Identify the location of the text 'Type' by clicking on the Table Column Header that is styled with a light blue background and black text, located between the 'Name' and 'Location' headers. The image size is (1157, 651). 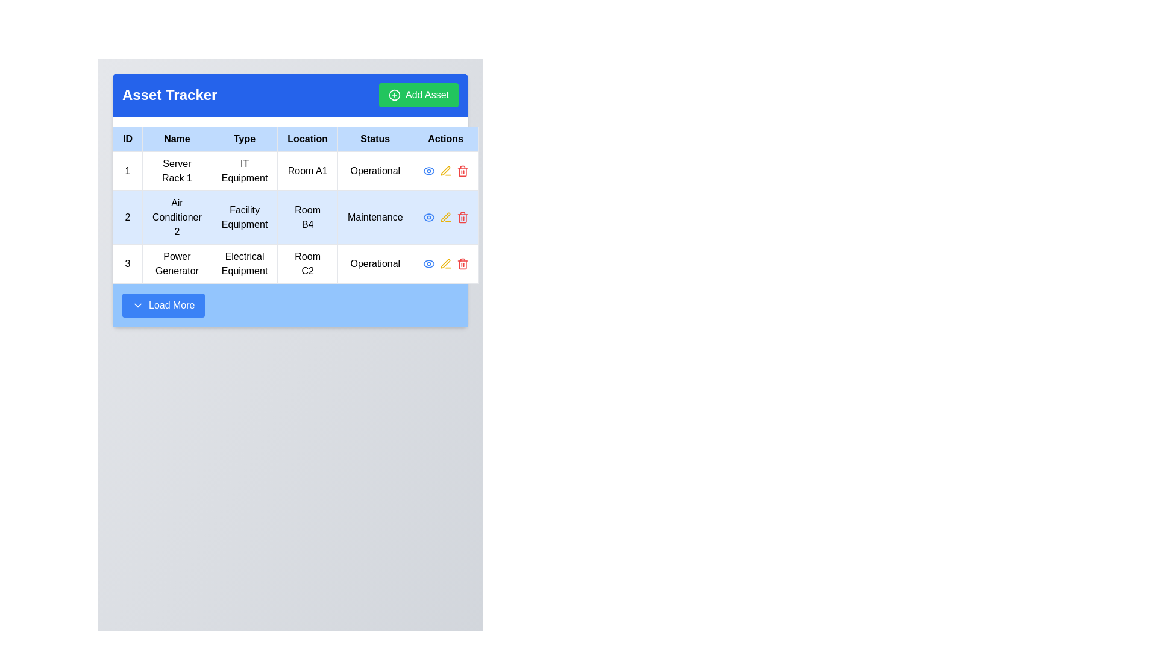
(244, 139).